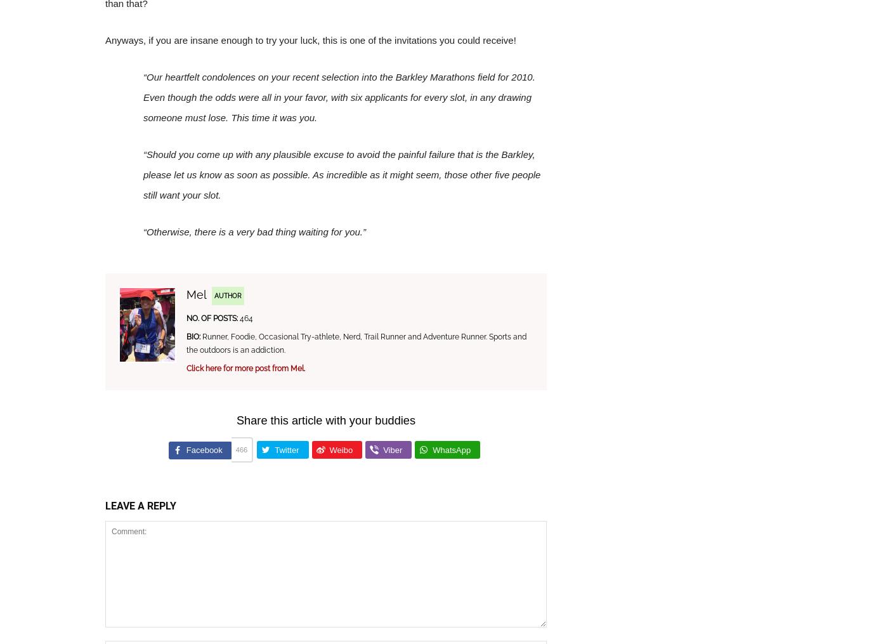 This screenshot has height=644, width=888. What do you see at coordinates (342, 174) in the screenshot?
I see `'“Should you come up with any plausible excuse to avoid the painful failure that is the Barkley, please let us know as soon as possible. As incredible as it might seem, those other five people still want your slot.'` at bounding box center [342, 174].